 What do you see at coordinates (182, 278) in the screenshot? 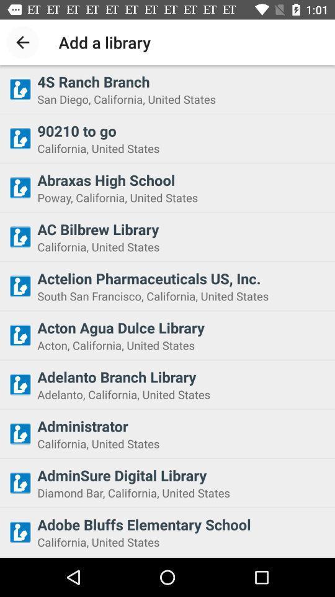
I see `actelion pharmaceuticals us` at bounding box center [182, 278].